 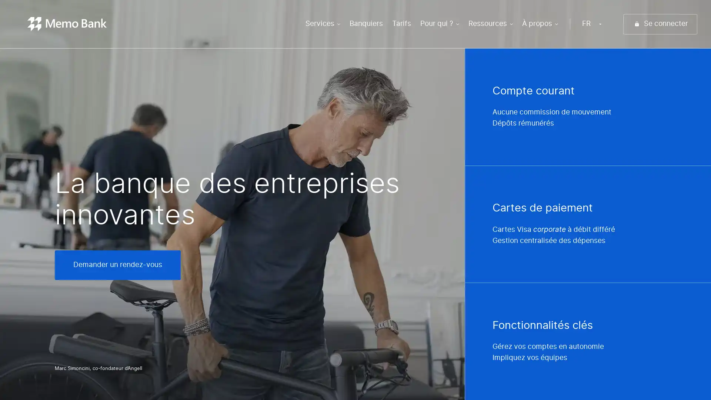 What do you see at coordinates (46, 362) in the screenshot?
I see `Choisir` at bounding box center [46, 362].